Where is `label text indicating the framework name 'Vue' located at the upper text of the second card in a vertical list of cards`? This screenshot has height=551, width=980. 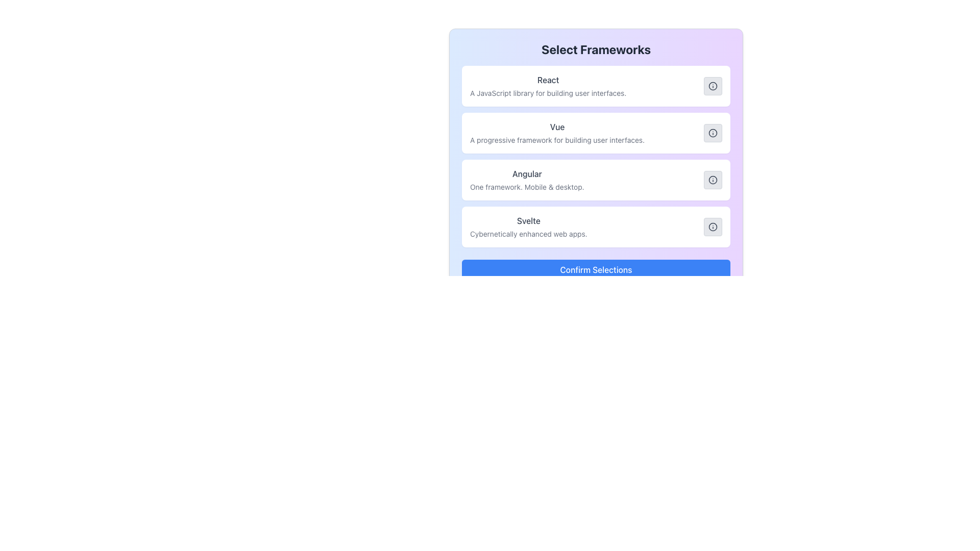 label text indicating the framework name 'Vue' located at the upper text of the second card in a vertical list of cards is located at coordinates (557, 127).